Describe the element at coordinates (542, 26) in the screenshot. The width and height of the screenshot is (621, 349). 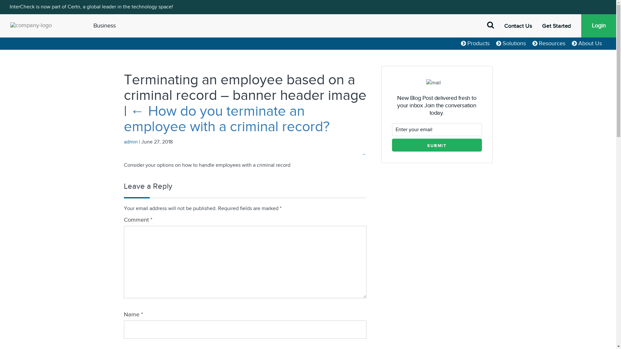
I see `'Get Started'` at that location.